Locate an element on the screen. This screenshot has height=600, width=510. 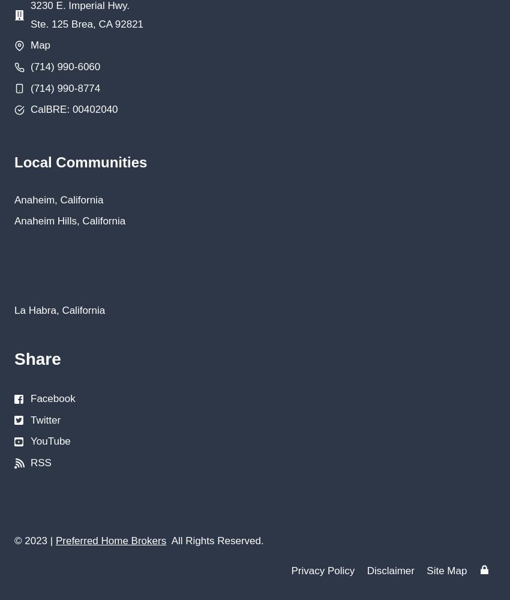
'Map' is located at coordinates (31, 44).